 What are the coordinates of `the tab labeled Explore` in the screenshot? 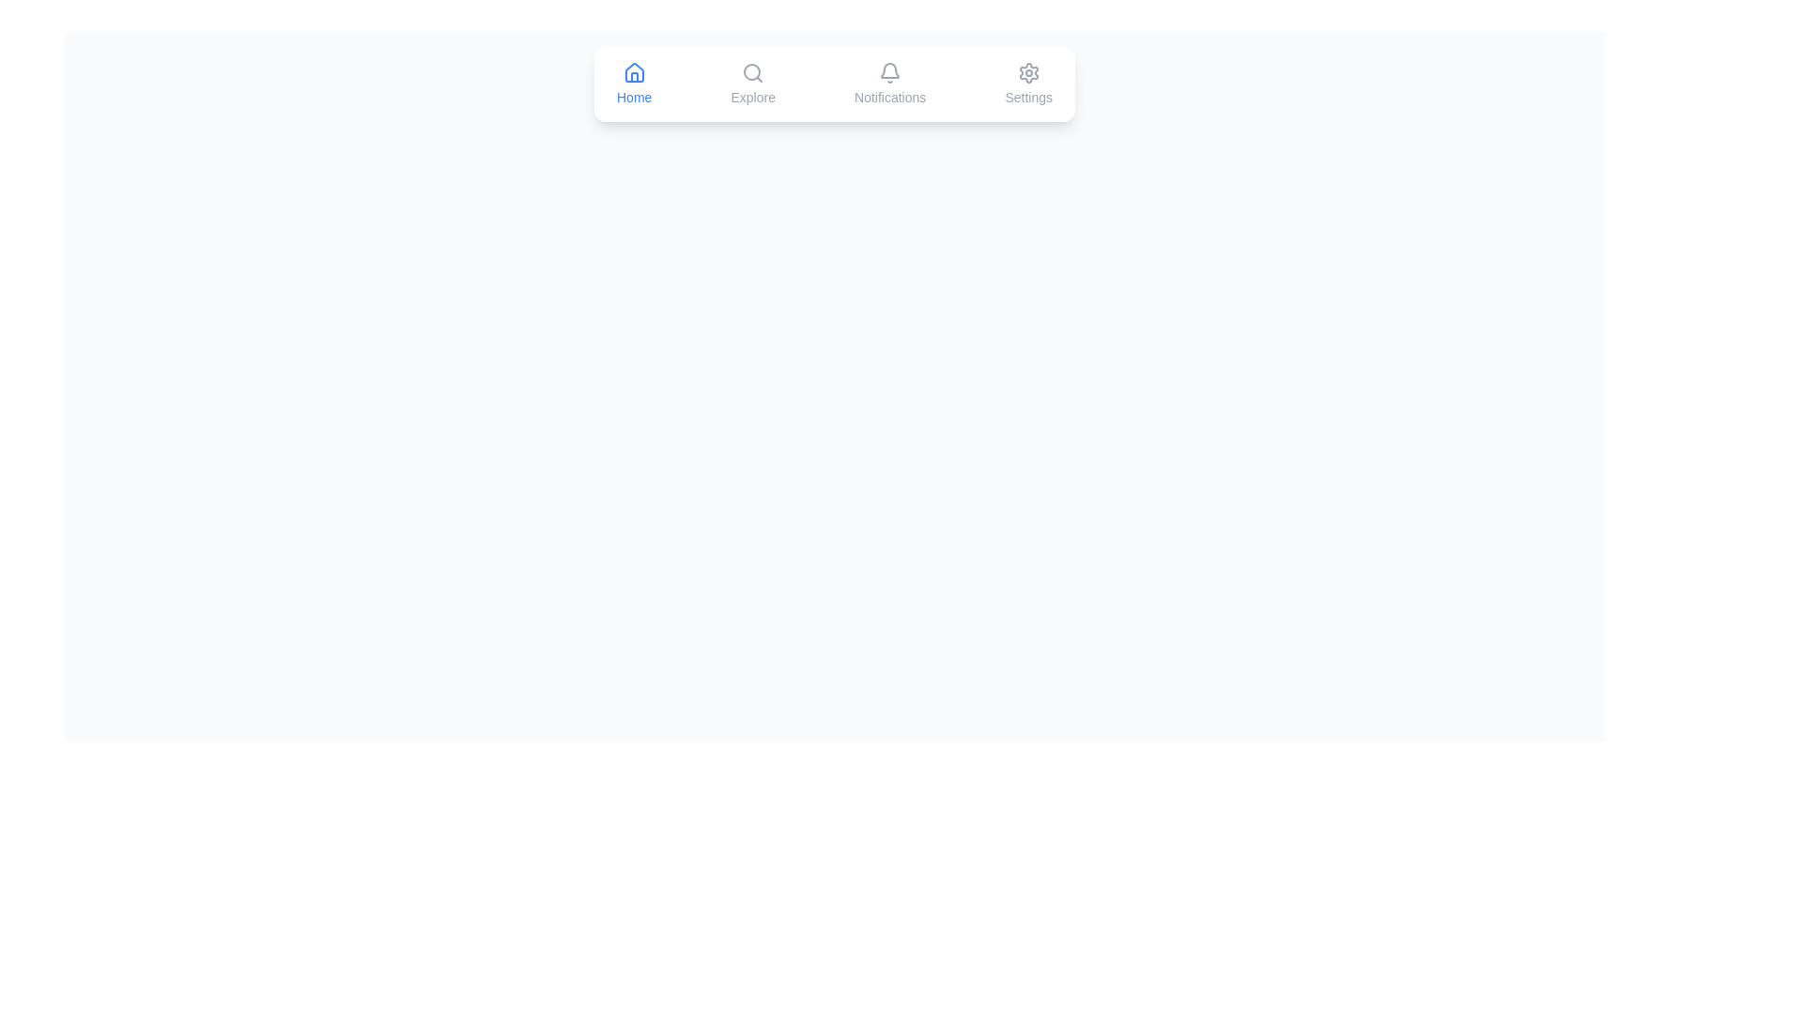 It's located at (752, 83).